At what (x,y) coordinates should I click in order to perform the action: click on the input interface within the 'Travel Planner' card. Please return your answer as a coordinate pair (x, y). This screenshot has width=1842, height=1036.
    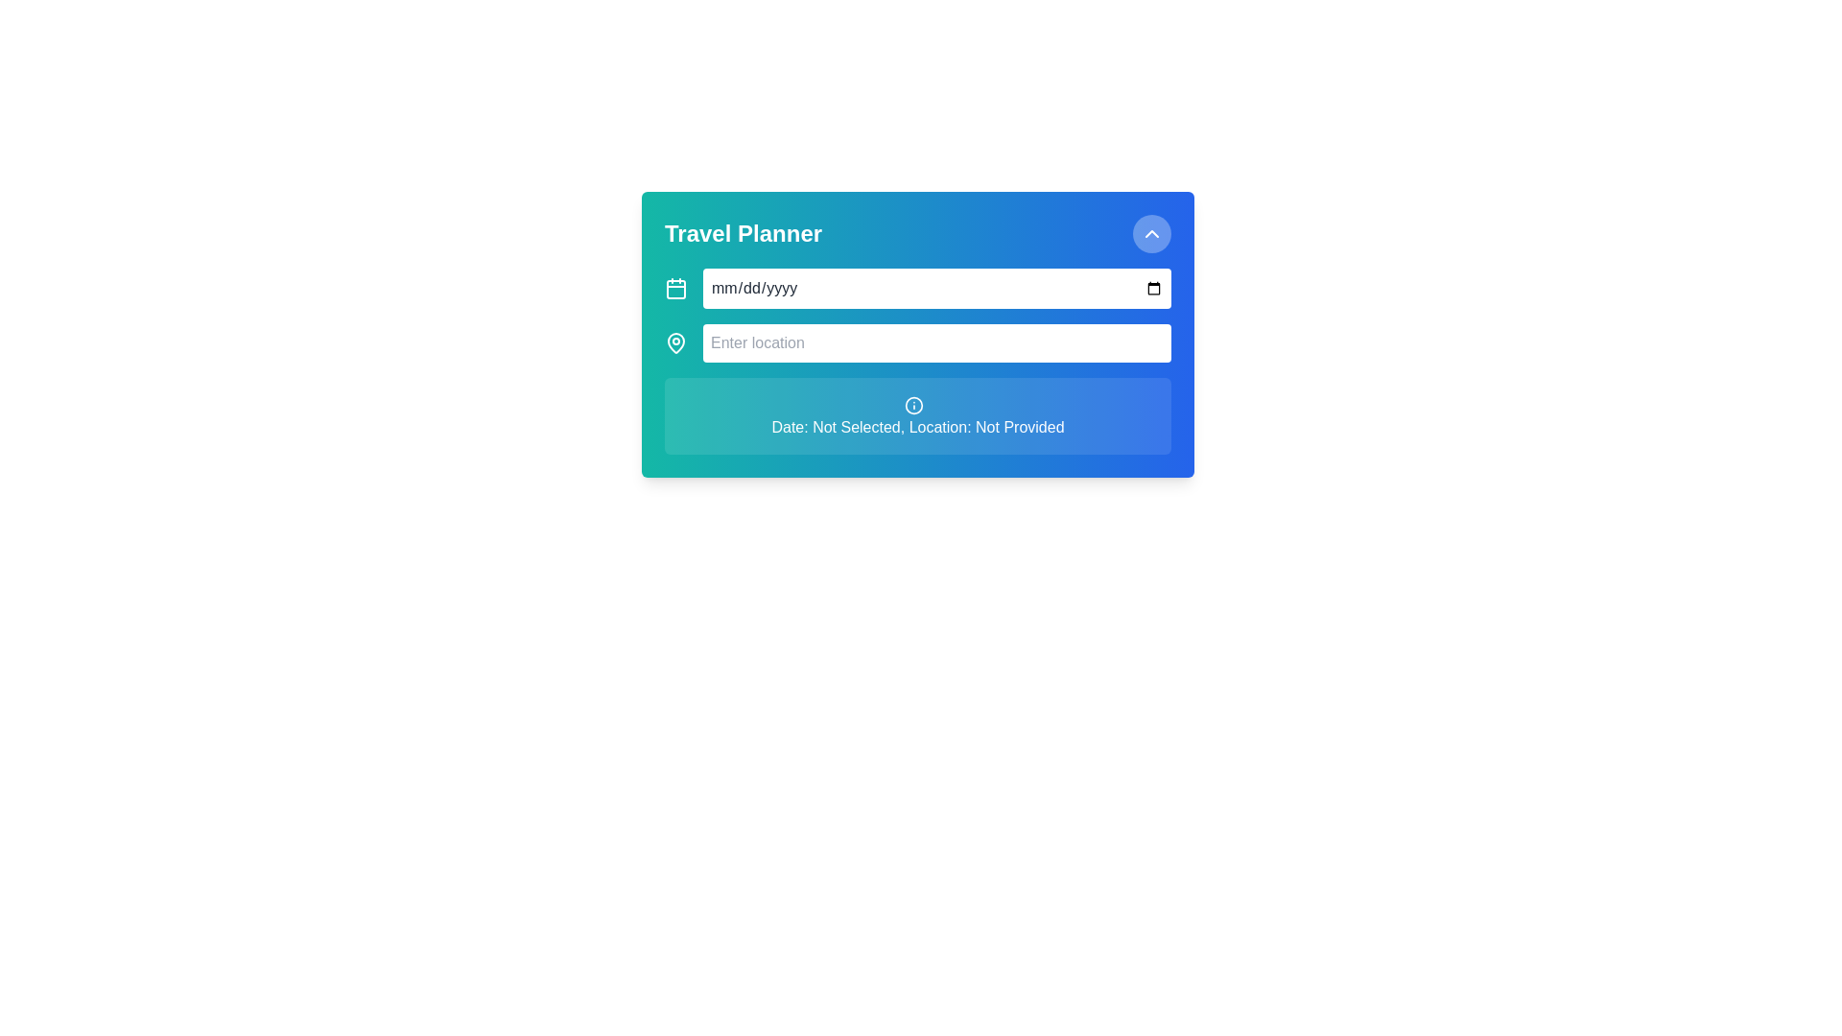
    Looking at the image, I should click on (916, 314).